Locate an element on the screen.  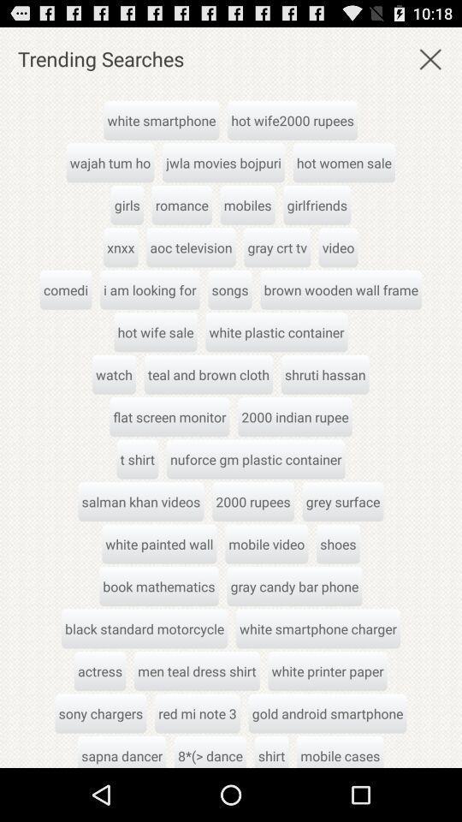
page is located at coordinates (429, 58).